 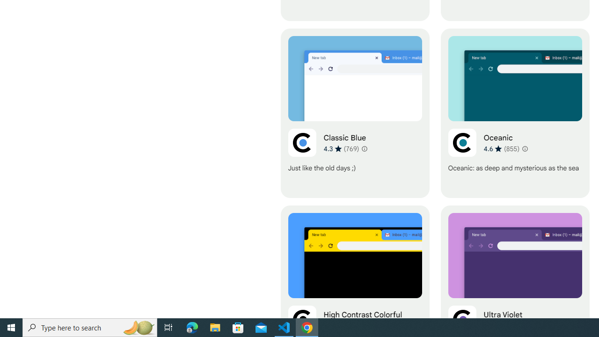 I want to click on 'Average rating 4.3 out of 5 stars. 769 ratings.', so click(x=341, y=148).